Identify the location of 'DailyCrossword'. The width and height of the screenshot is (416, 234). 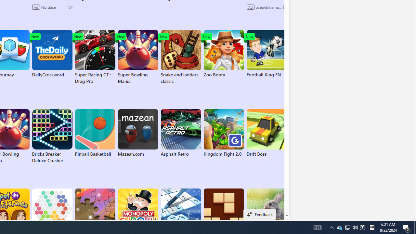
(52, 53).